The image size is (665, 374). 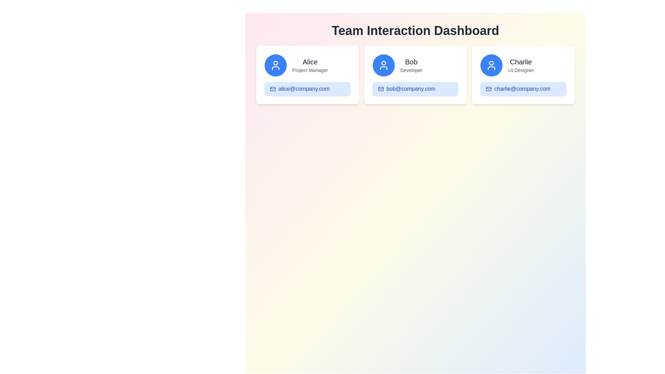 What do you see at coordinates (307, 75) in the screenshot?
I see `the name 'Alice' or the email 'alice@company.com' in the Card Component located on the leftmost side of the row of cards for further interaction` at bounding box center [307, 75].